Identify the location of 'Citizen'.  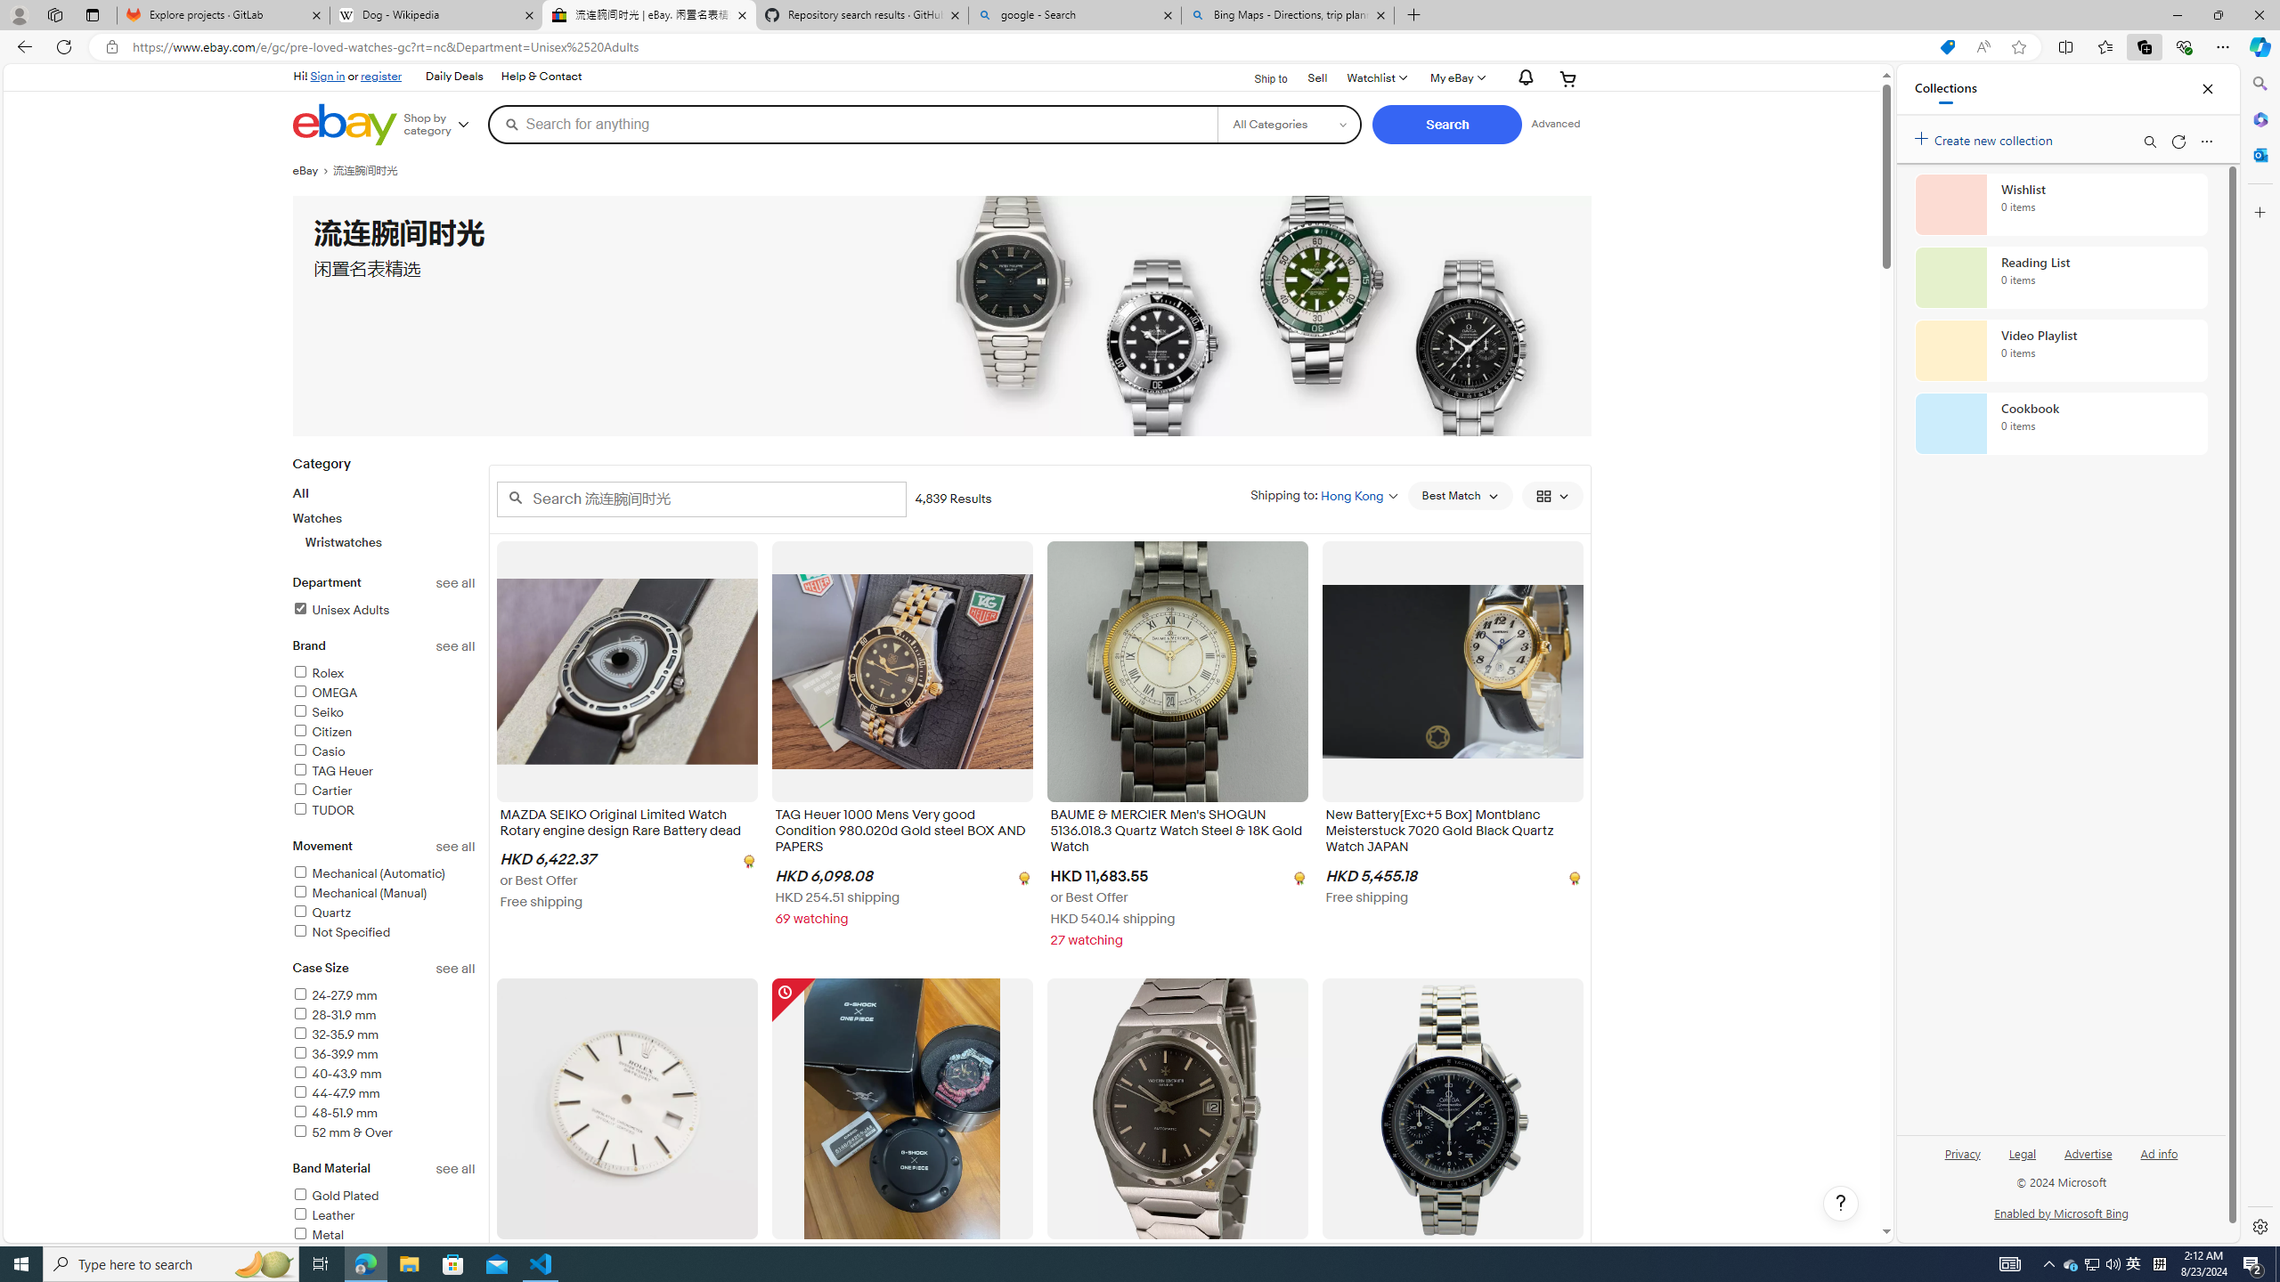
(384, 732).